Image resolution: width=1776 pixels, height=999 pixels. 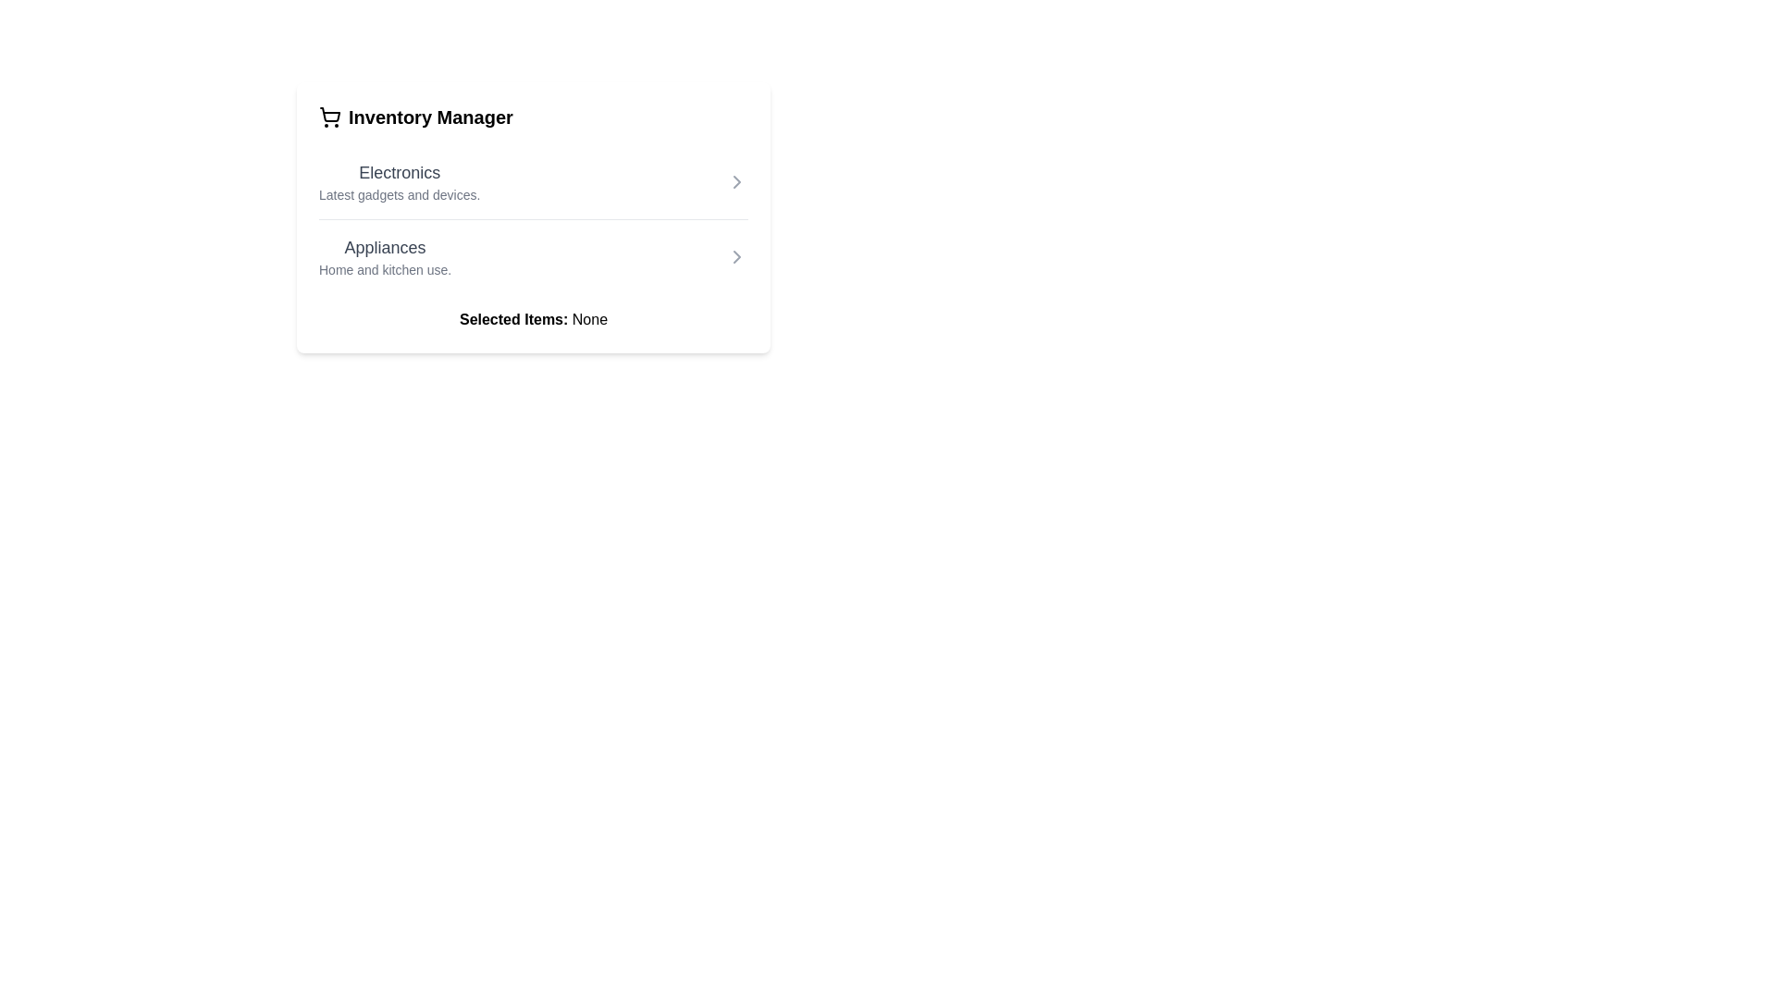 What do you see at coordinates (399, 172) in the screenshot?
I see `the 'Electronics' category title text label located at the upper section of the Inventory Manager card` at bounding box center [399, 172].